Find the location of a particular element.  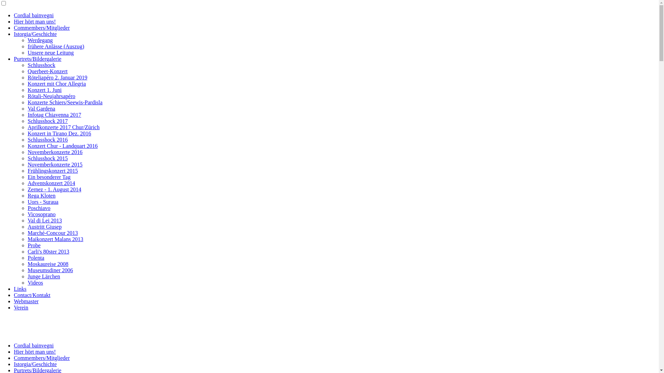

'Querbeet-Konzert' is located at coordinates (28, 71).